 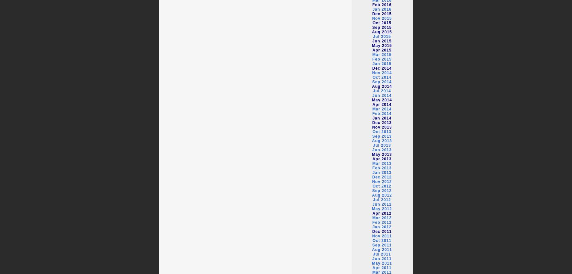 I want to click on 'Sep 2012', so click(x=372, y=190).